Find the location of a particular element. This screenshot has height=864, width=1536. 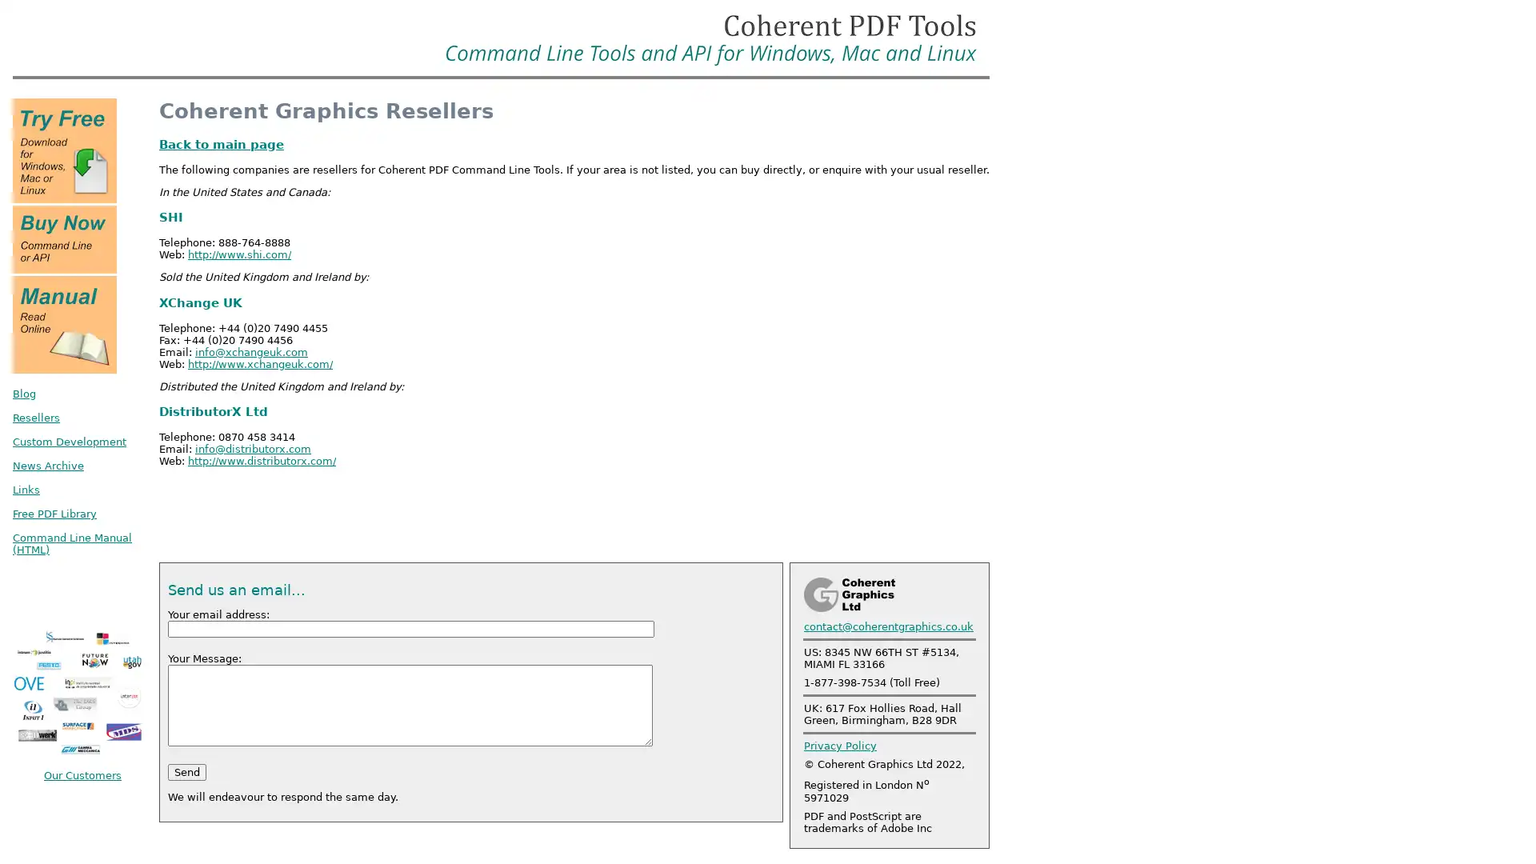

Send is located at coordinates (187, 770).